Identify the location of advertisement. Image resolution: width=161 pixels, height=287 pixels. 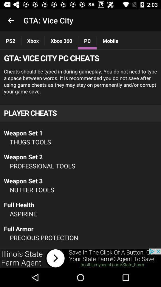
(80, 258).